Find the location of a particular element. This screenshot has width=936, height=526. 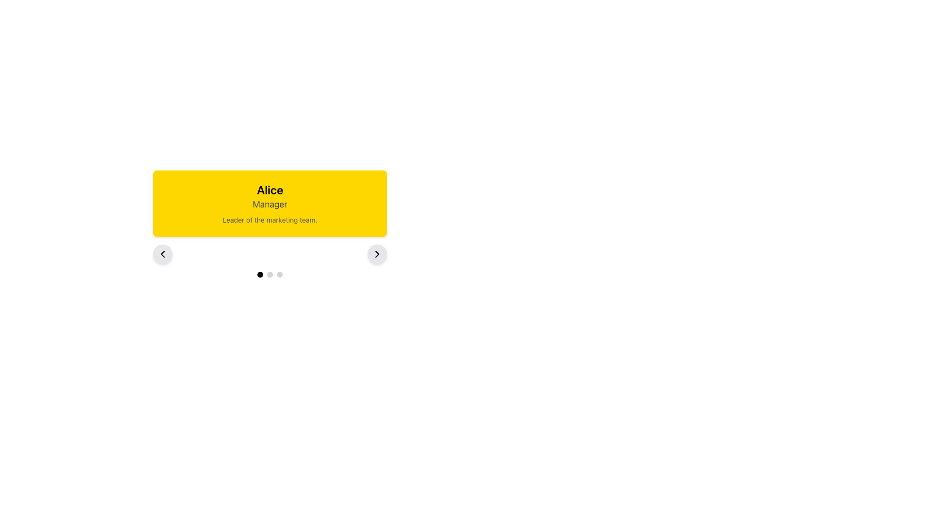

the arrow icon located at the bottom-right of the highlighted card is located at coordinates (376, 253).